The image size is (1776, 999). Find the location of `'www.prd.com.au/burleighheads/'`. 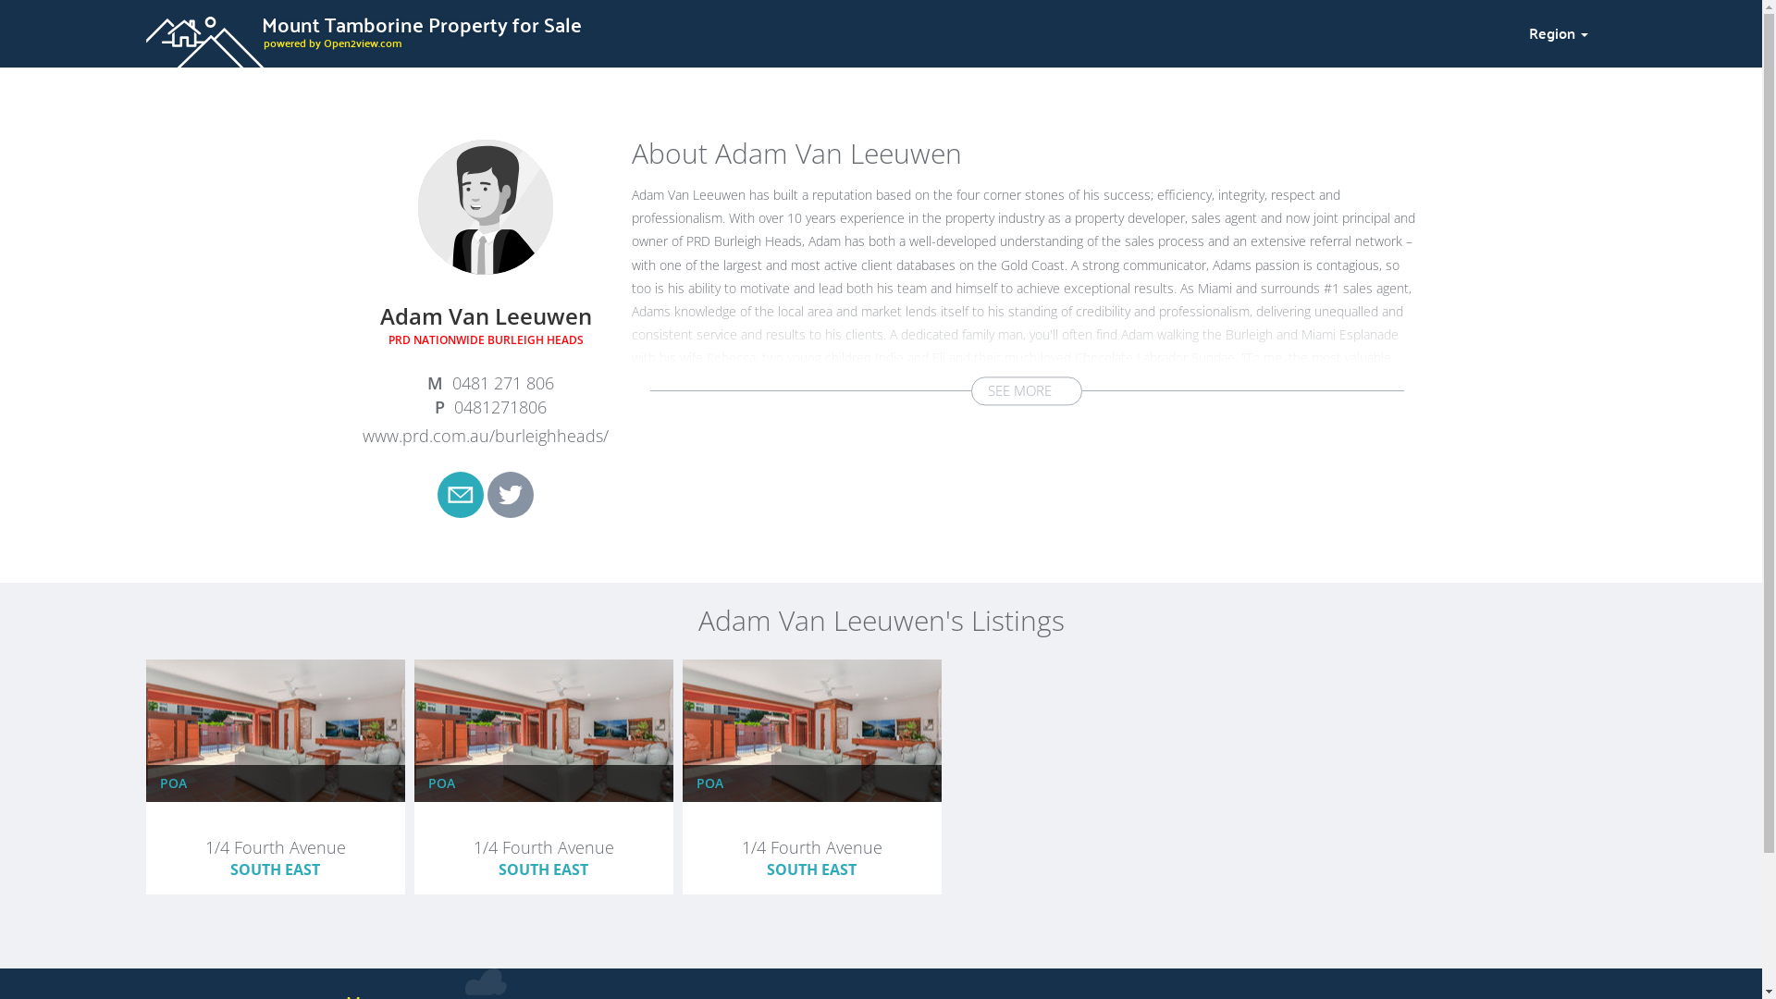

'www.prd.com.au/burleighheads/' is located at coordinates (485, 435).